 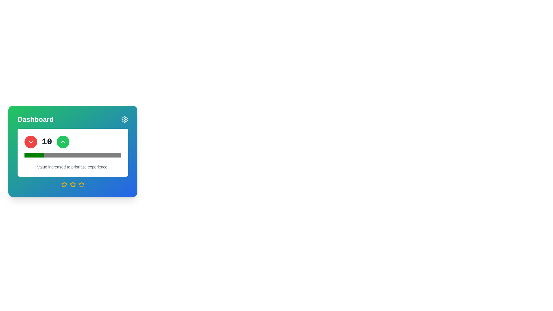 I want to click on the fifth star icon, which is outlined and yellow, located at the bottom of the 'Dashboard' card to rate it, so click(x=81, y=184).